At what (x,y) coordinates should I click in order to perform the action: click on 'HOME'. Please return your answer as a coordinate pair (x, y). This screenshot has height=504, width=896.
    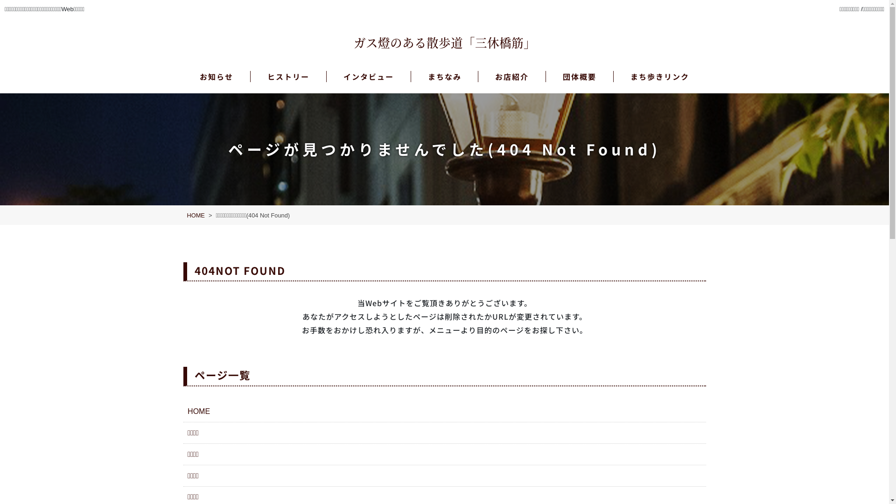
    Looking at the image, I should click on (195, 215).